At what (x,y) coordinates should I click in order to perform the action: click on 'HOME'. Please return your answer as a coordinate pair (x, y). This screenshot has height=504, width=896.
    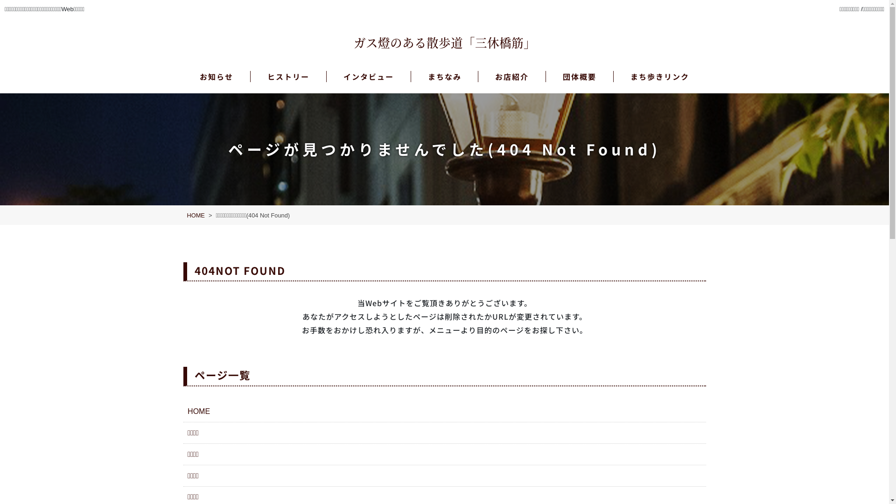
    Looking at the image, I should click on (195, 215).